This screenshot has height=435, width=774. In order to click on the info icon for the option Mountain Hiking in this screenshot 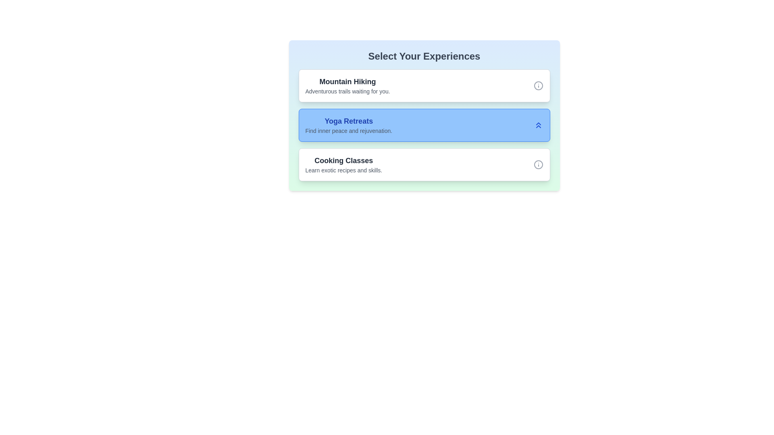, I will do `click(538, 85)`.